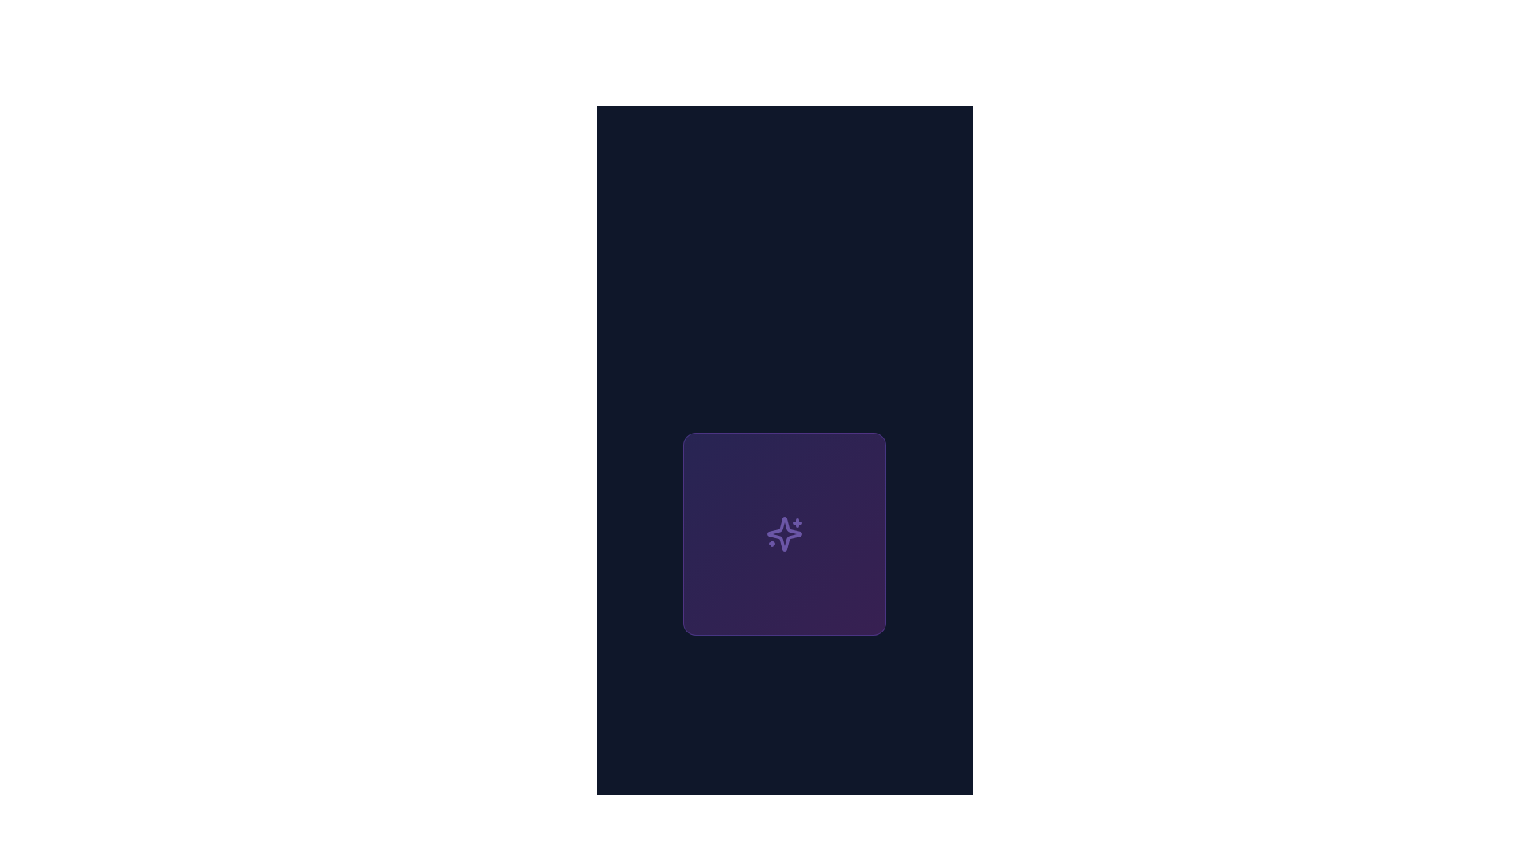  I want to click on the rounded square block with a gradient background transitioning between violet and fuchsia shades, featuring a sparkle icon in the center, so click(784, 534).